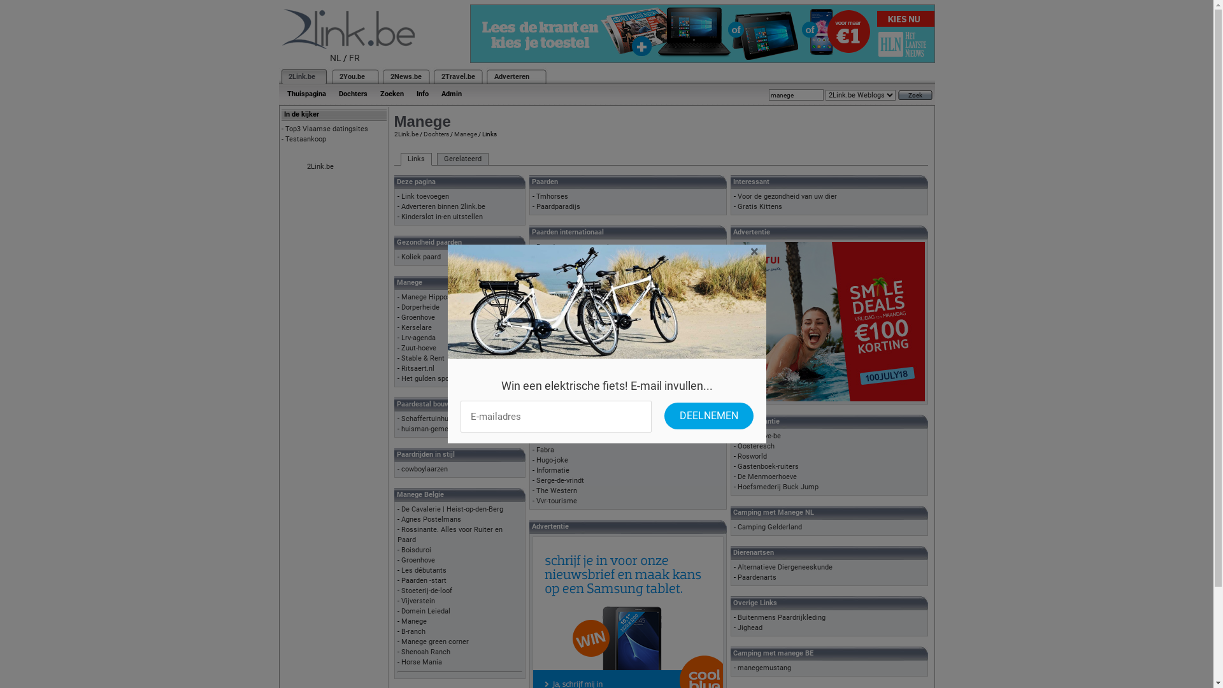 The height and width of the screenshot is (688, 1223). What do you see at coordinates (410, 93) in the screenshot?
I see `'Info'` at bounding box center [410, 93].